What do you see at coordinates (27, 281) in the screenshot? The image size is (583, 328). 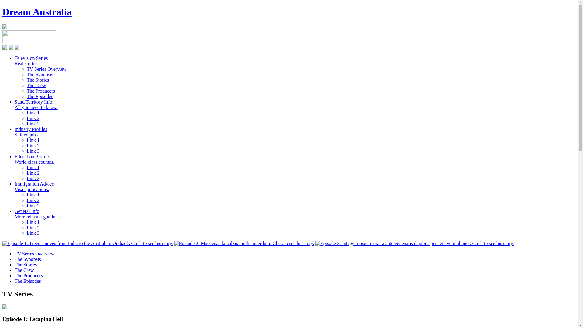 I see `'The Episodes'` at bounding box center [27, 281].